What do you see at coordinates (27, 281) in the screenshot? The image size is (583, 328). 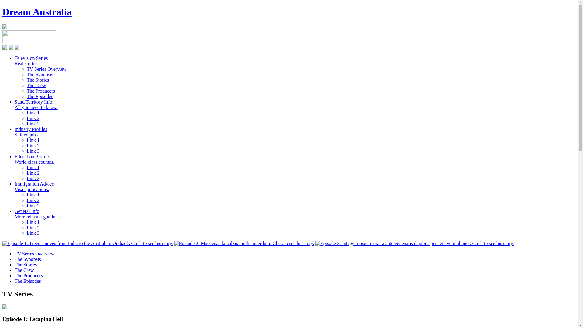 I see `'The Episodes'` at bounding box center [27, 281].